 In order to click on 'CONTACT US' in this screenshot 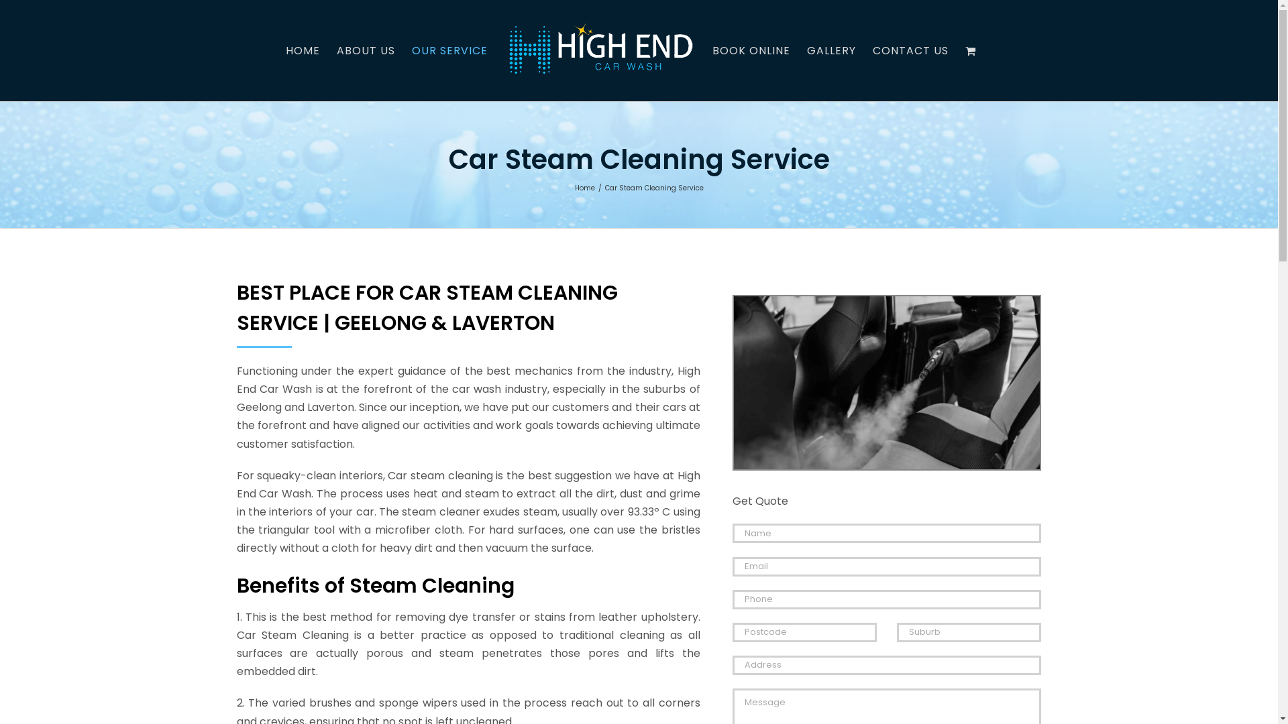, I will do `click(910, 50)`.